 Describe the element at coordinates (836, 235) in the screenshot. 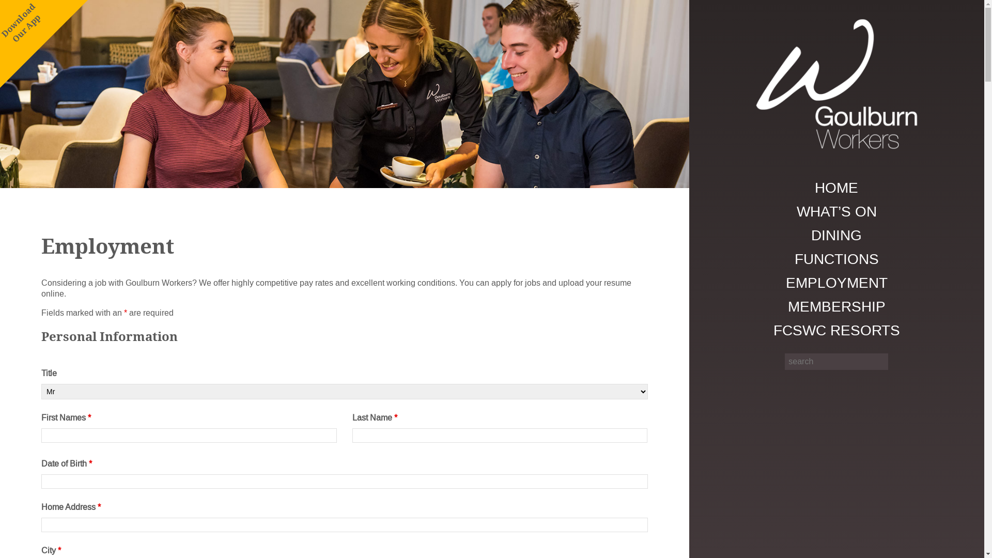

I see `'DINING'` at that location.